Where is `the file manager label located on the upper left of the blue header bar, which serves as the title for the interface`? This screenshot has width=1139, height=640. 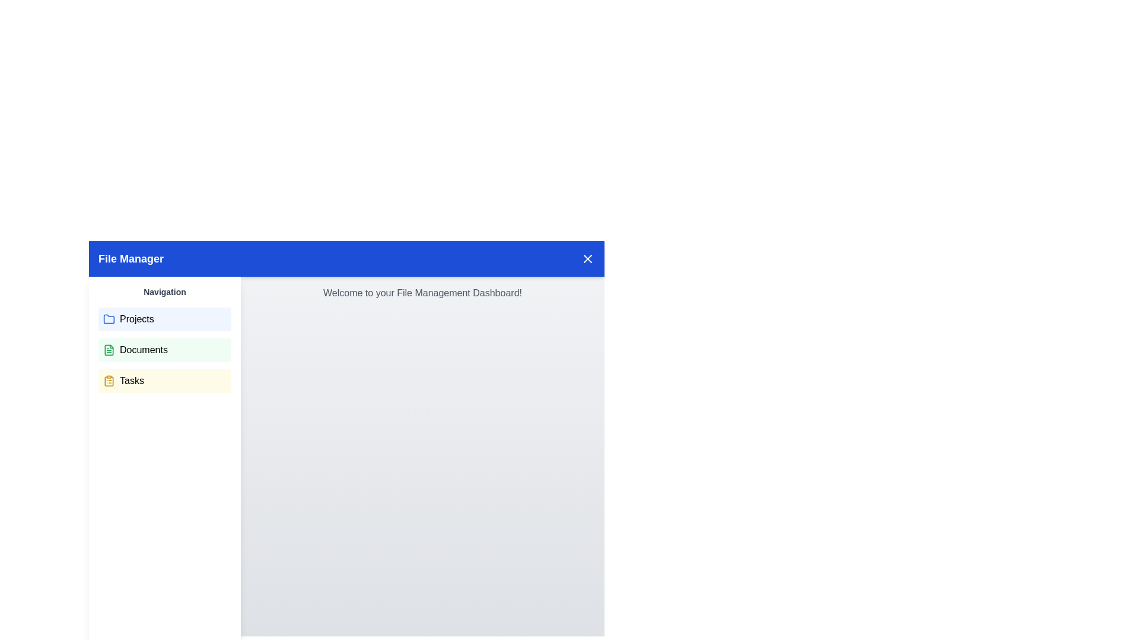 the file manager label located on the upper left of the blue header bar, which serves as the title for the interface is located at coordinates (131, 258).